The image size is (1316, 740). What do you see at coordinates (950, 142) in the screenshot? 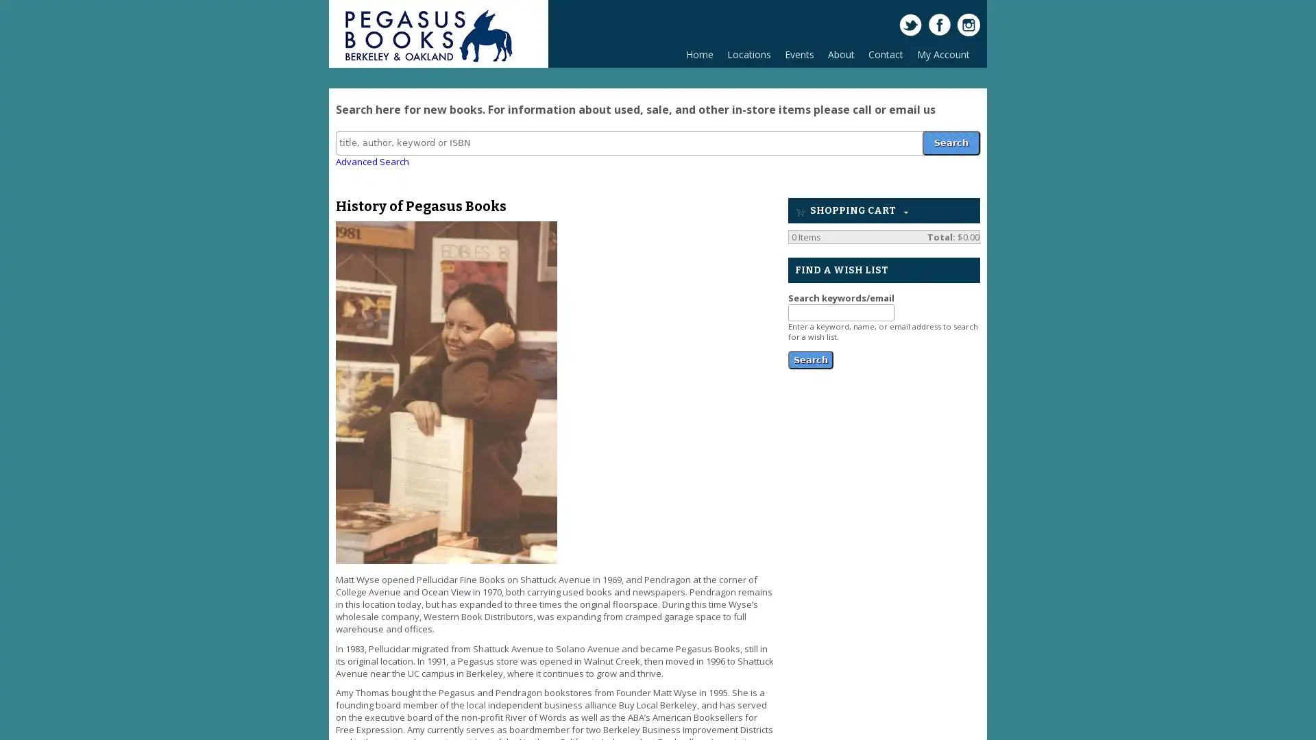
I see `Search` at bounding box center [950, 142].